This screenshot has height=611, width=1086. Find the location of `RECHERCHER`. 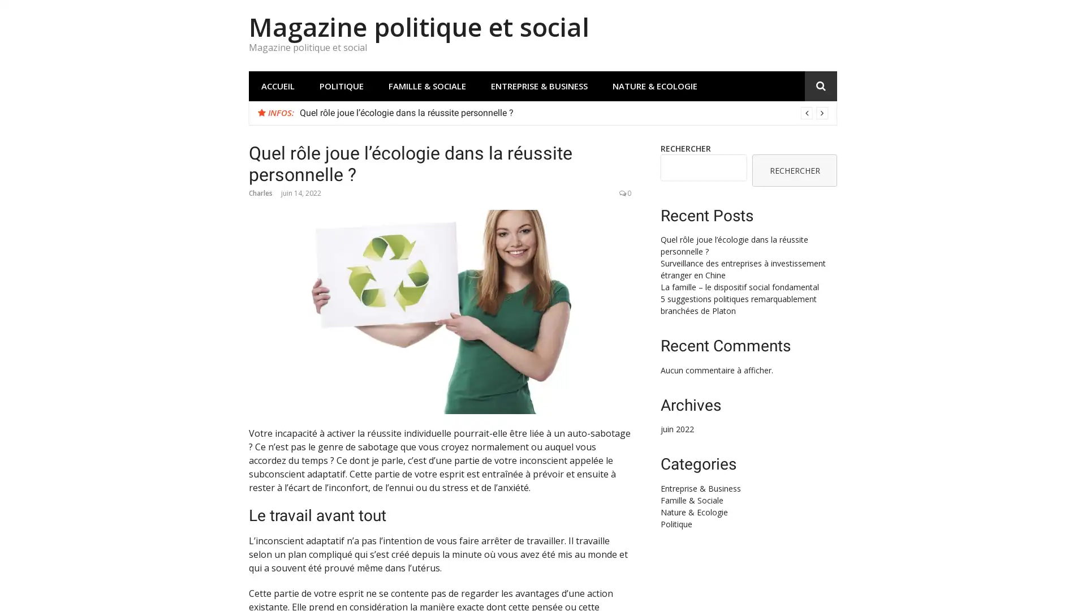

RECHERCHER is located at coordinates (794, 170).